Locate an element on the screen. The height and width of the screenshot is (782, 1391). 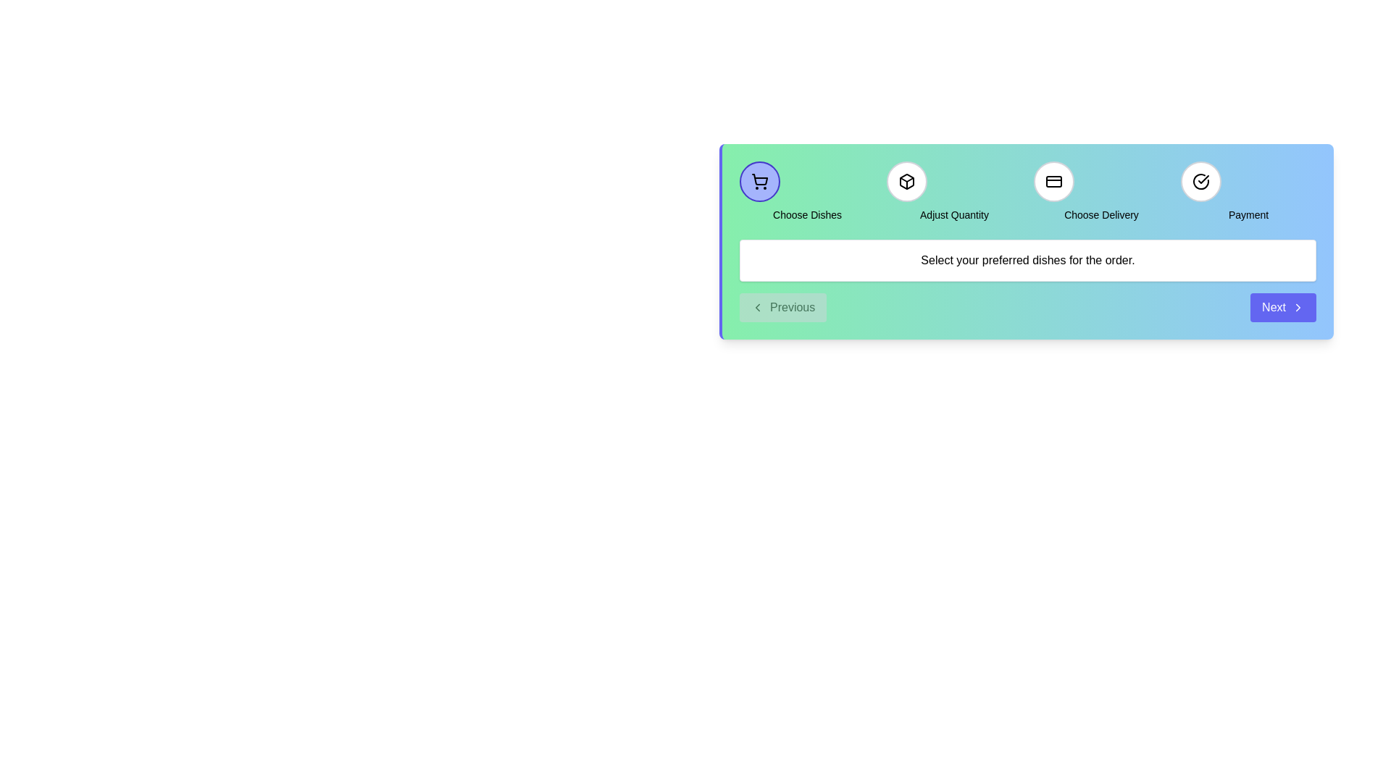
the chevron icon located inside the 'Previous' button in the bottom-left corner of the card interface is located at coordinates (757, 306).